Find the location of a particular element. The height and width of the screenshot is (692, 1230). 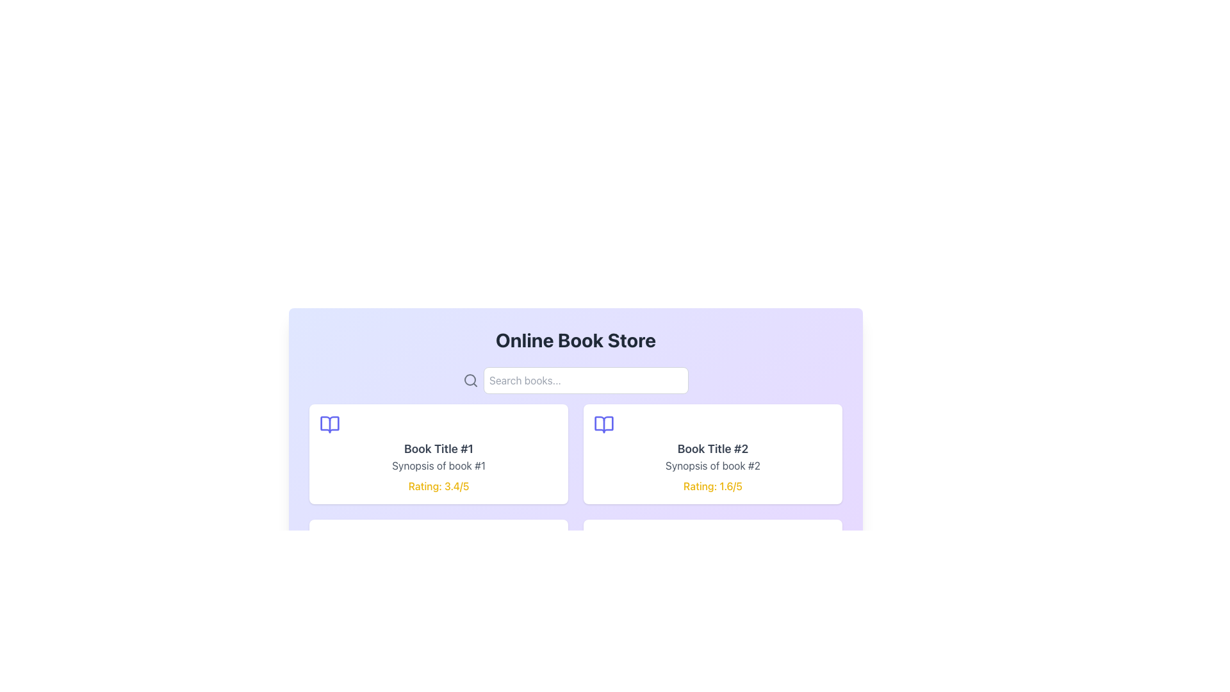

the book-related icon located at the top-left corner of the card titled 'Book Title #1', which is positioned directly above the title text is located at coordinates (329, 425).